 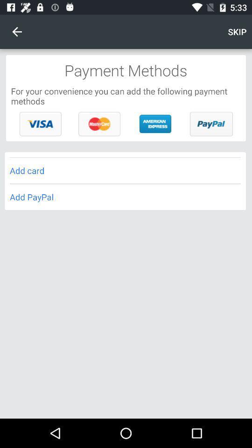 What do you see at coordinates (125, 197) in the screenshot?
I see `the add paypal icon` at bounding box center [125, 197].